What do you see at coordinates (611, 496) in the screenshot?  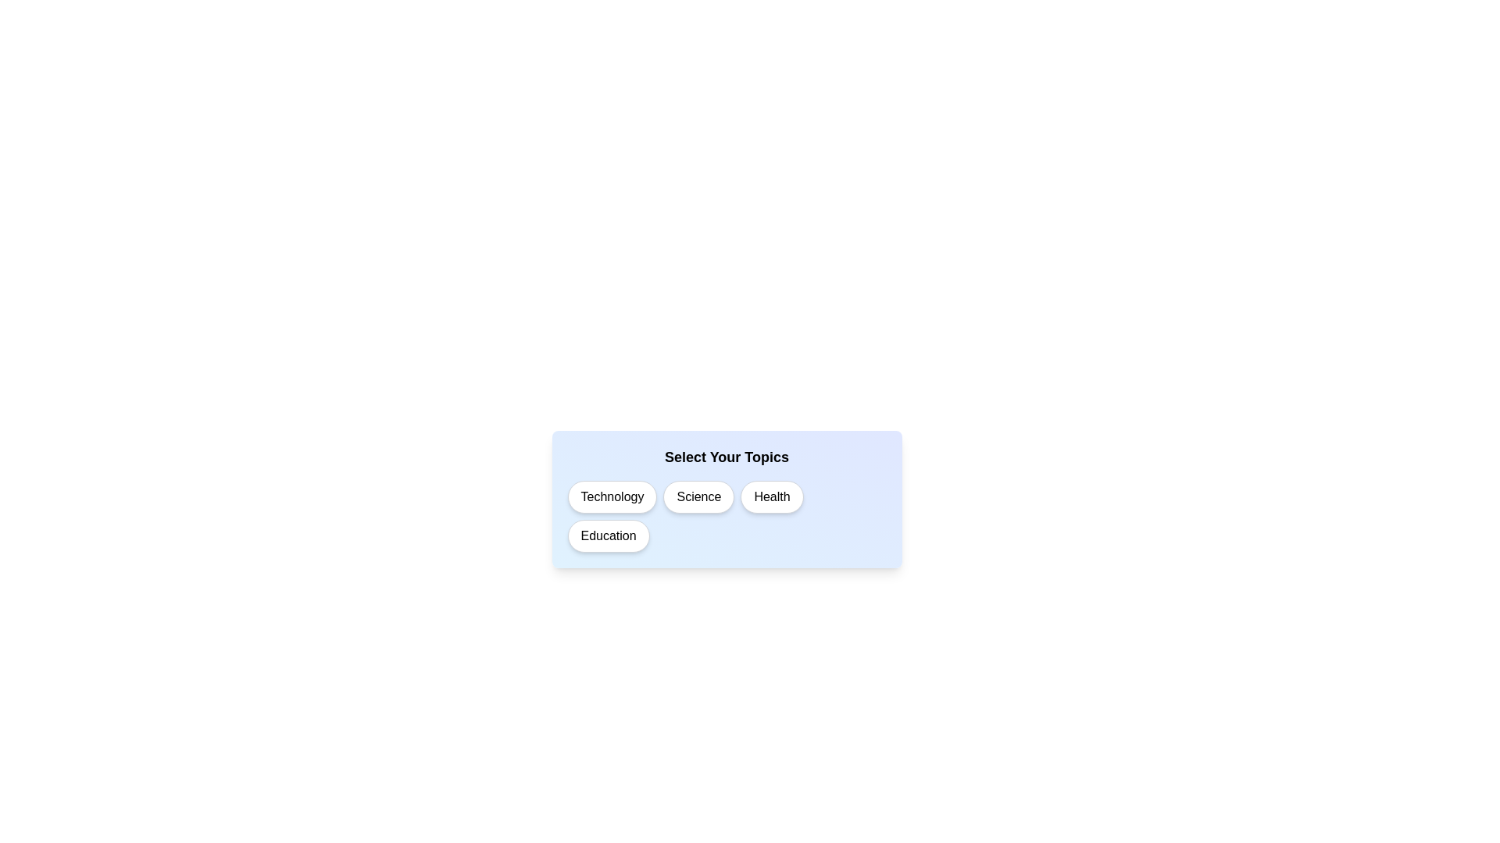 I see `the topic Technology to observe its visual feedback` at bounding box center [611, 496].